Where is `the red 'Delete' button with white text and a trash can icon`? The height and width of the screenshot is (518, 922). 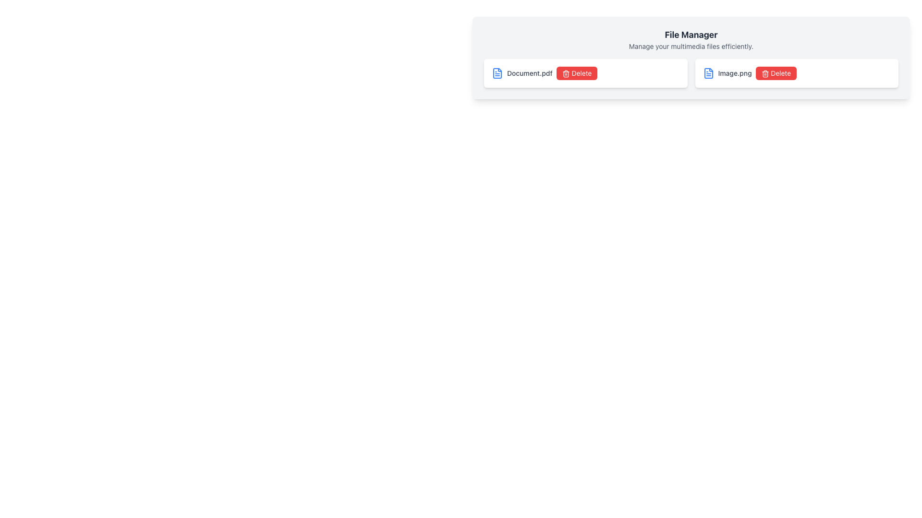 the red 'Delete' button with white text and a trash can icon is located at coordinates (776, 73).